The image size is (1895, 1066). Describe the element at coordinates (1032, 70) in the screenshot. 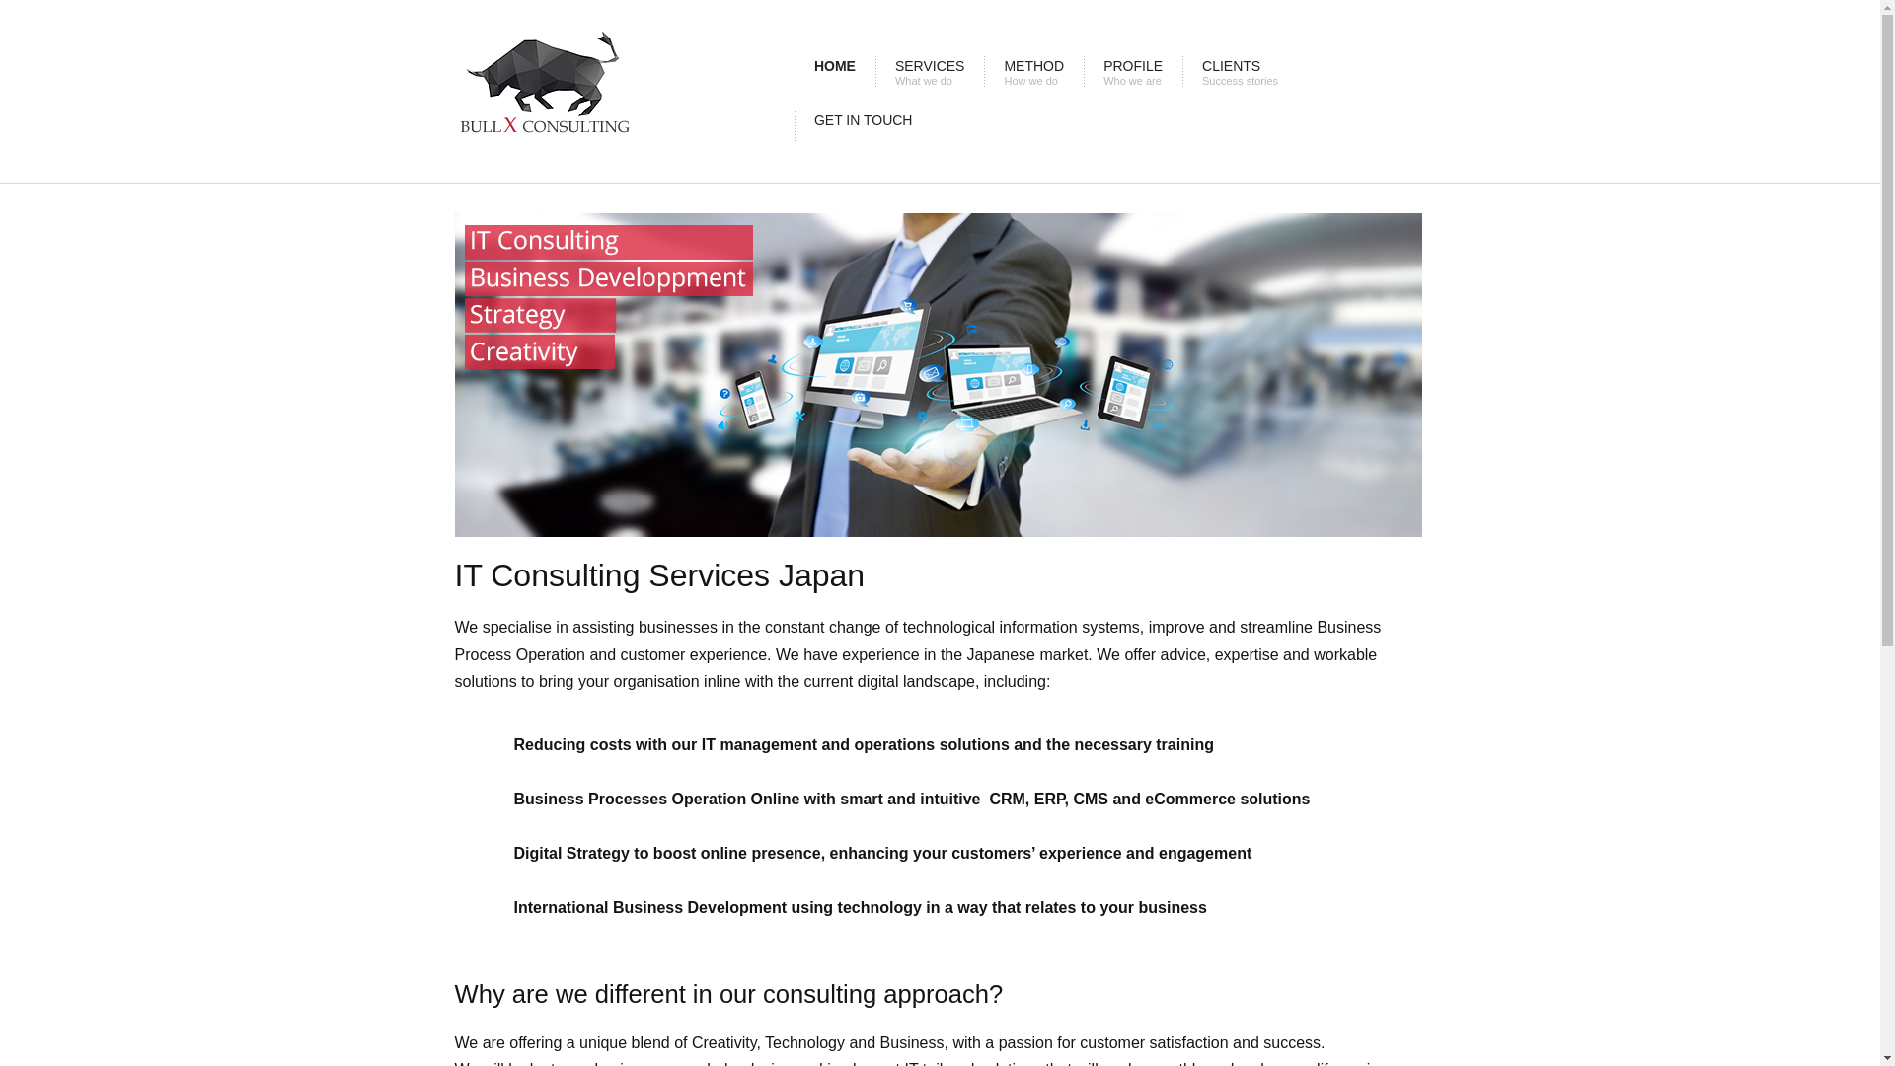

I see `'METHOD` at that location.